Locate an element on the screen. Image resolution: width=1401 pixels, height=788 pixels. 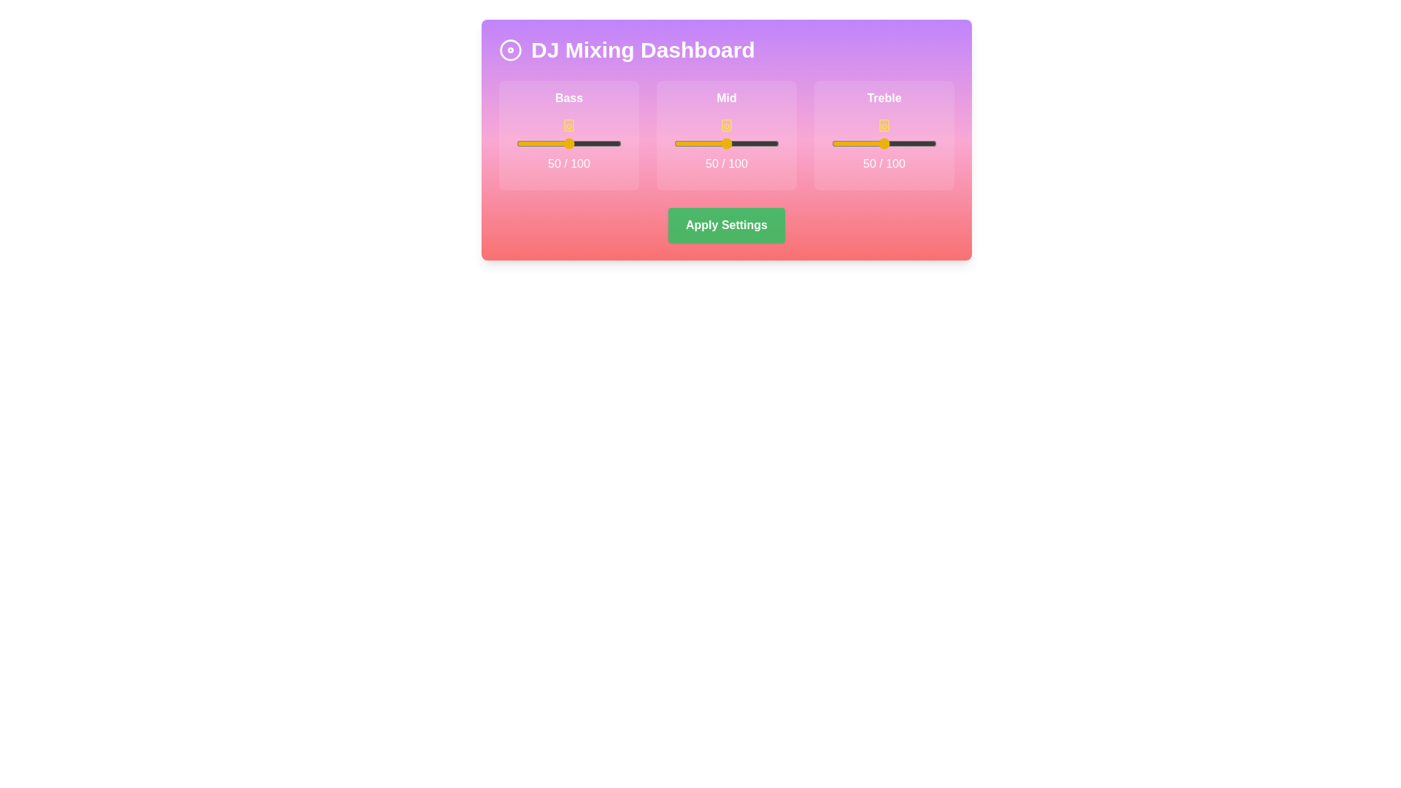
the mid slider to set its value to 74 is located at coordinates (752, 143).